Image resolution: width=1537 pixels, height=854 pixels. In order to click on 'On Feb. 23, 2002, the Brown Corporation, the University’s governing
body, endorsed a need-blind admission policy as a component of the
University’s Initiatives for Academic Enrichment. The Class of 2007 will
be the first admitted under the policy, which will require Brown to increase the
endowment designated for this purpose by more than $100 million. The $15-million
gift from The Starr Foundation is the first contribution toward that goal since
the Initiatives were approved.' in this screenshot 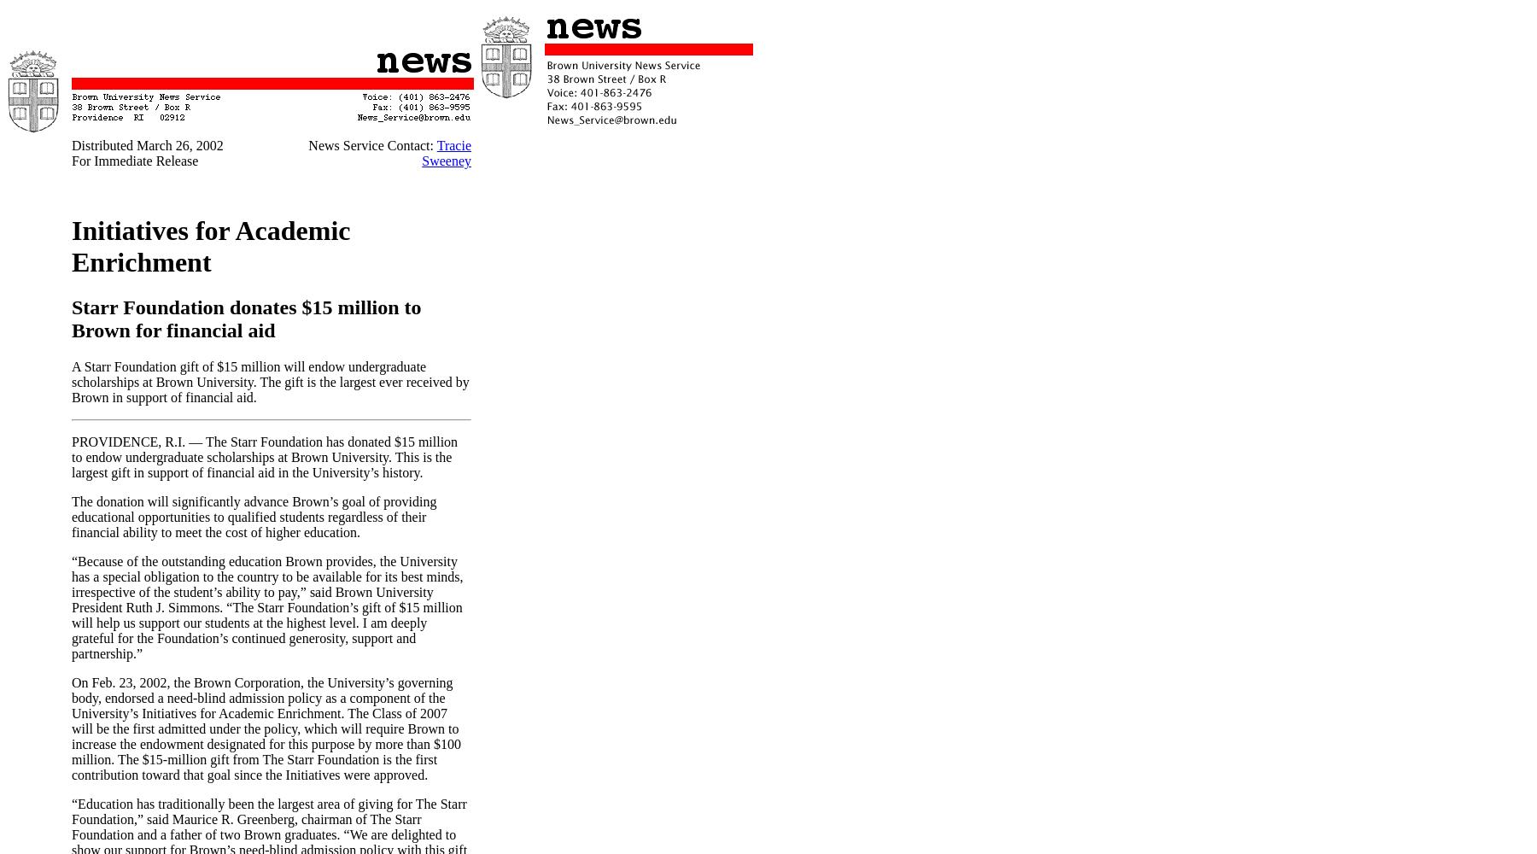, I will do `click(265, 728)`.